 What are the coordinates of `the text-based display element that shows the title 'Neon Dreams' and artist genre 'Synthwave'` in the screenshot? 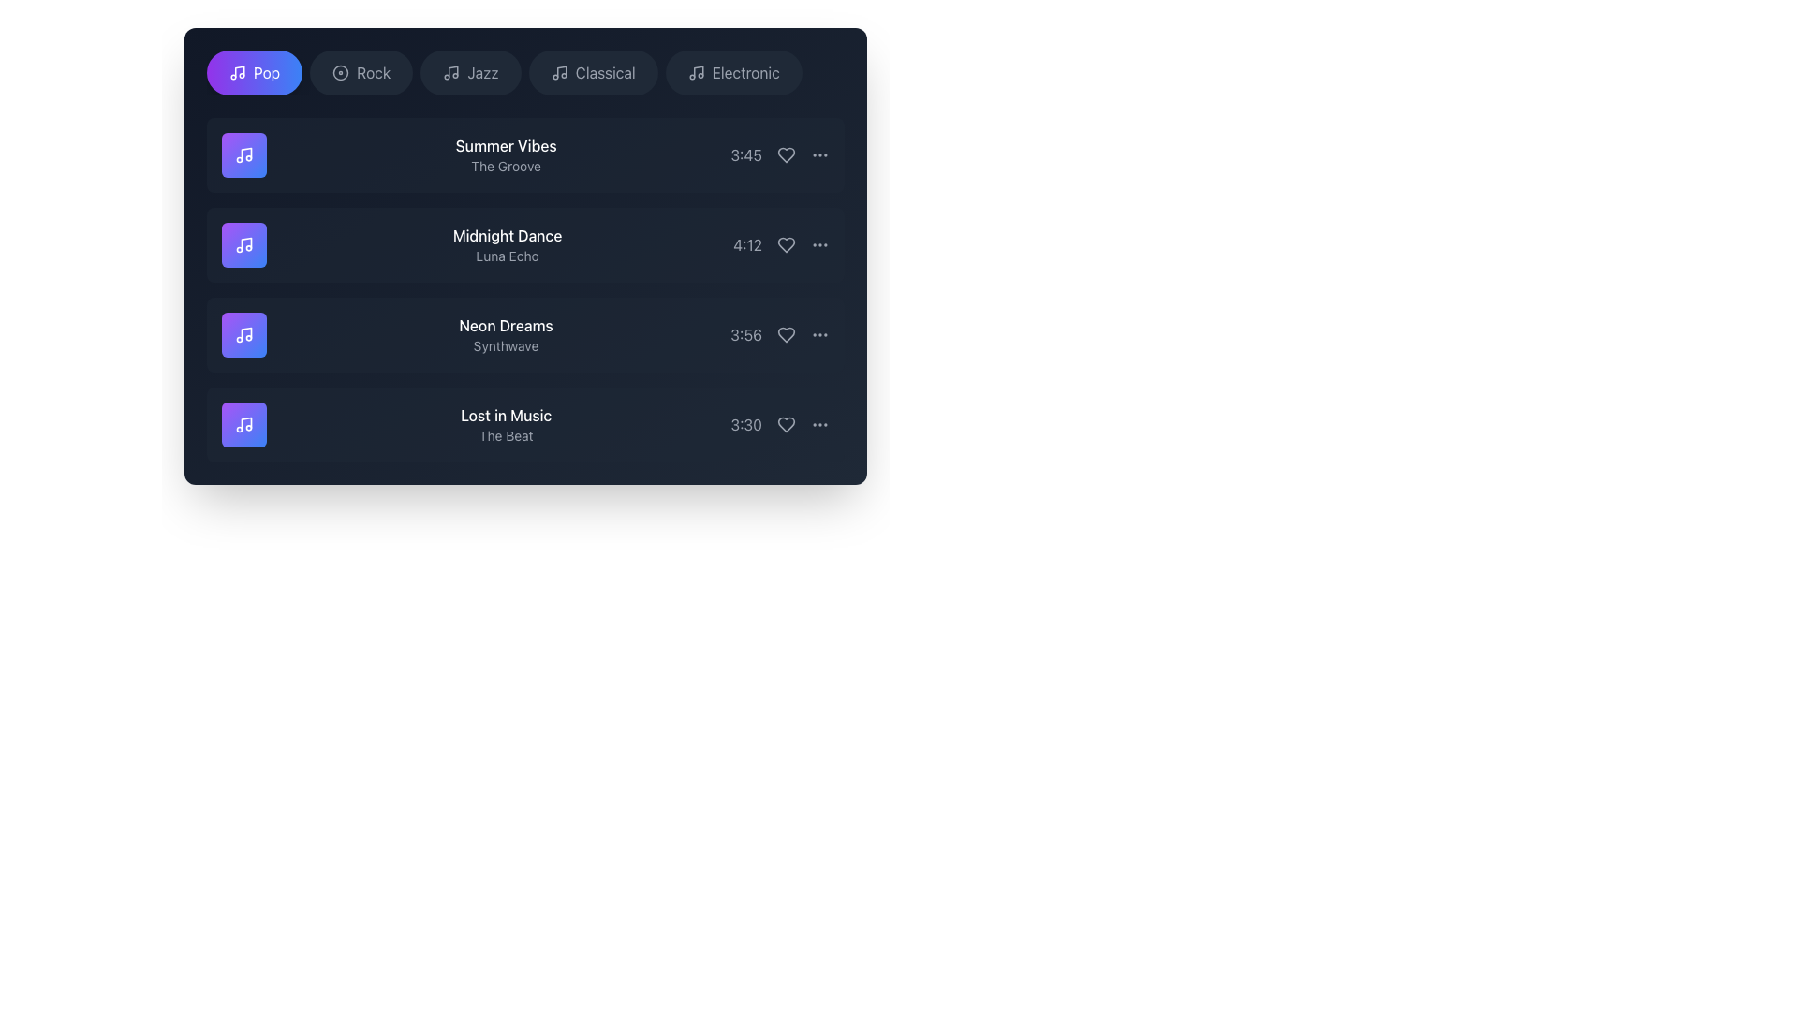 It's located at (506, 334).